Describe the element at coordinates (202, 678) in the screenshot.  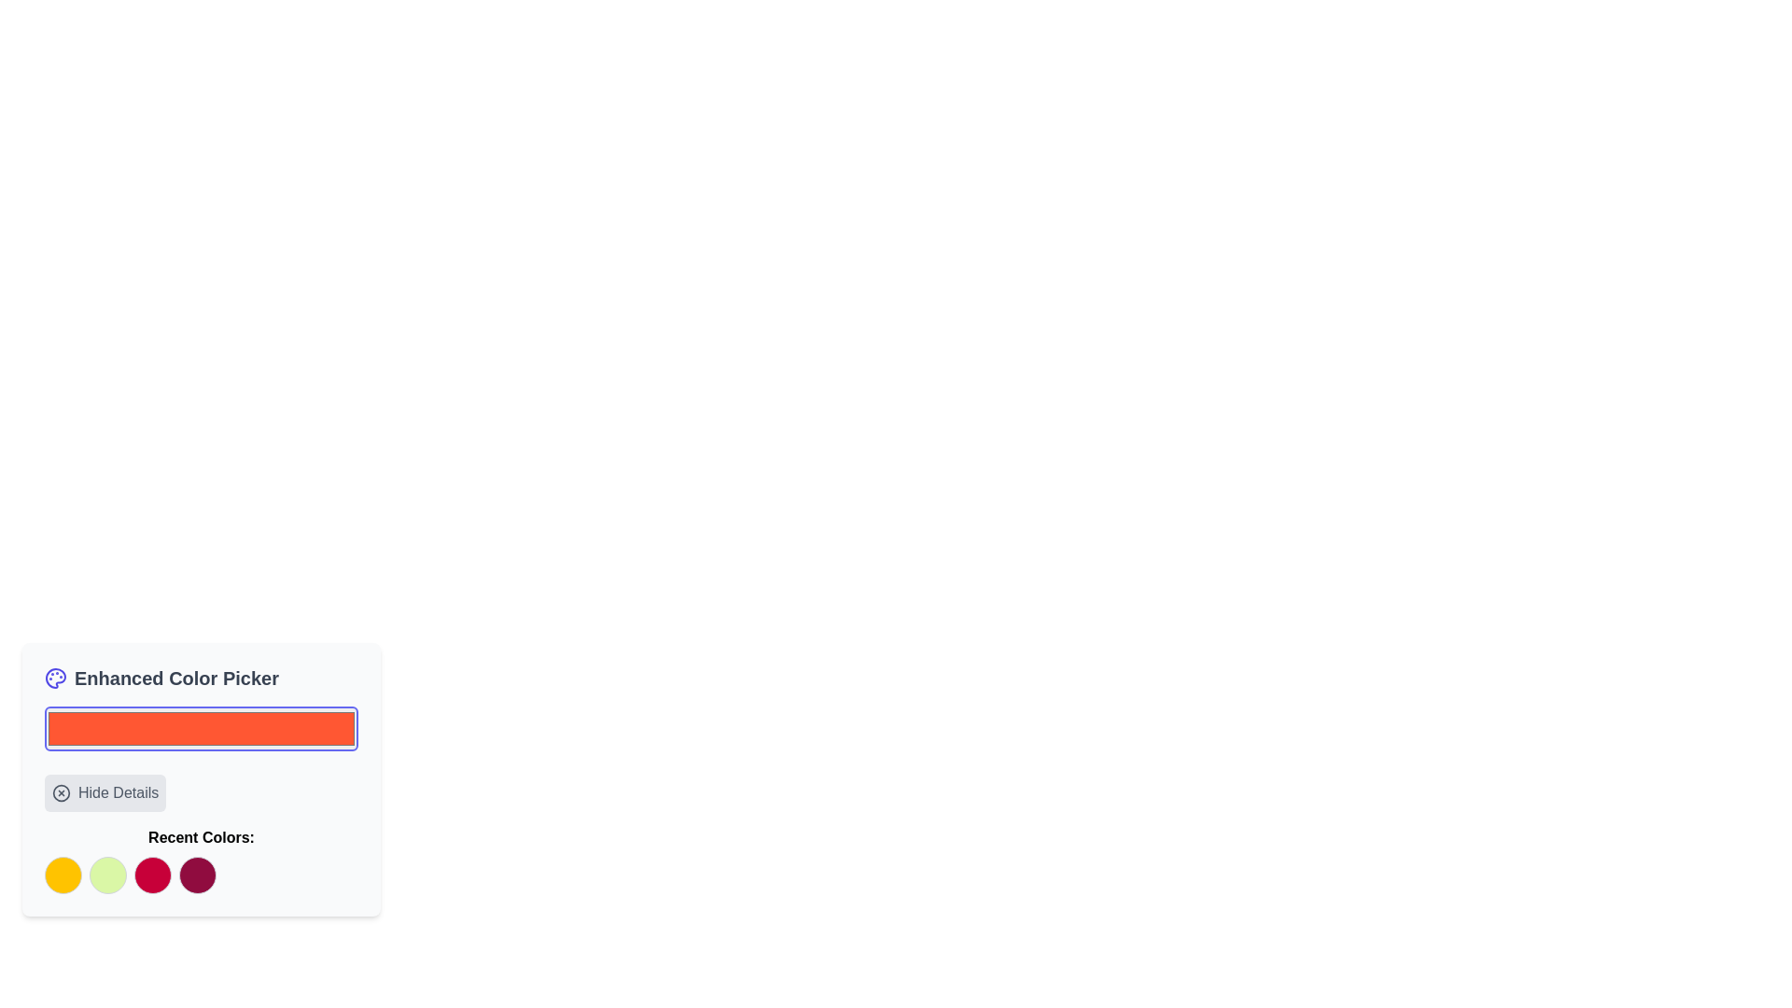
I see `displayed title of the header element labeled 'Enhanced Color Picker' which features a colorful palette icon and is prominently styled in bold text` at that location.